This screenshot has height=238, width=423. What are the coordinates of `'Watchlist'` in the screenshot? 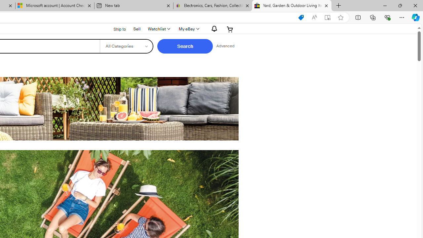 It's located at (159, 29).